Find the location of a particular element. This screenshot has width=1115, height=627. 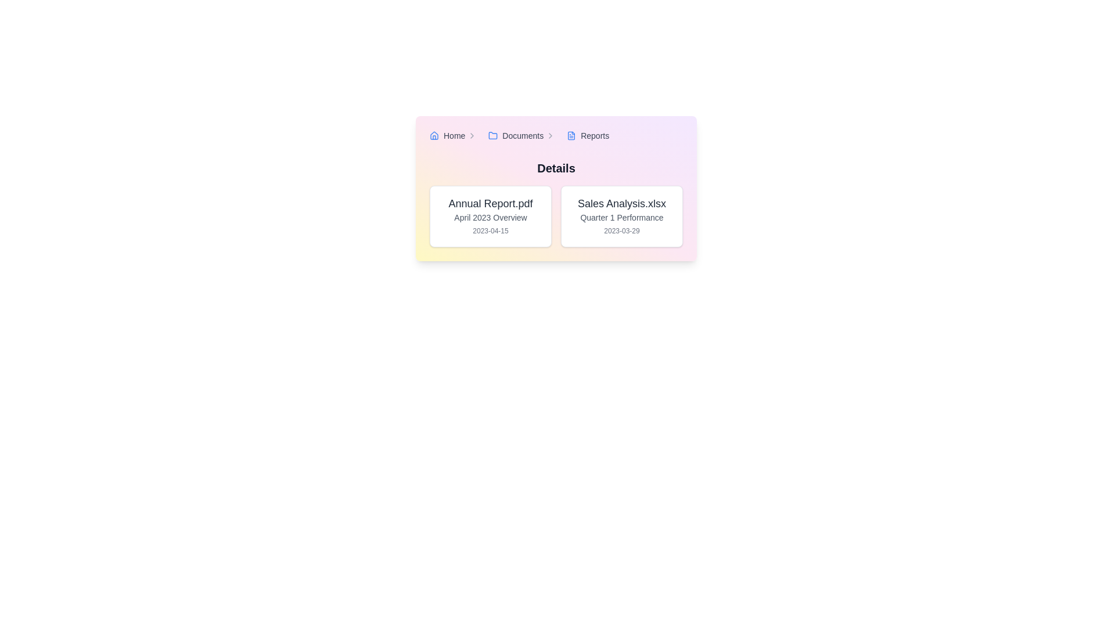

the last breadcrumb navigation item, which indicates the current page and is located to the right of the 'Documents' breadcrumb is located at coordinates (588, 135).